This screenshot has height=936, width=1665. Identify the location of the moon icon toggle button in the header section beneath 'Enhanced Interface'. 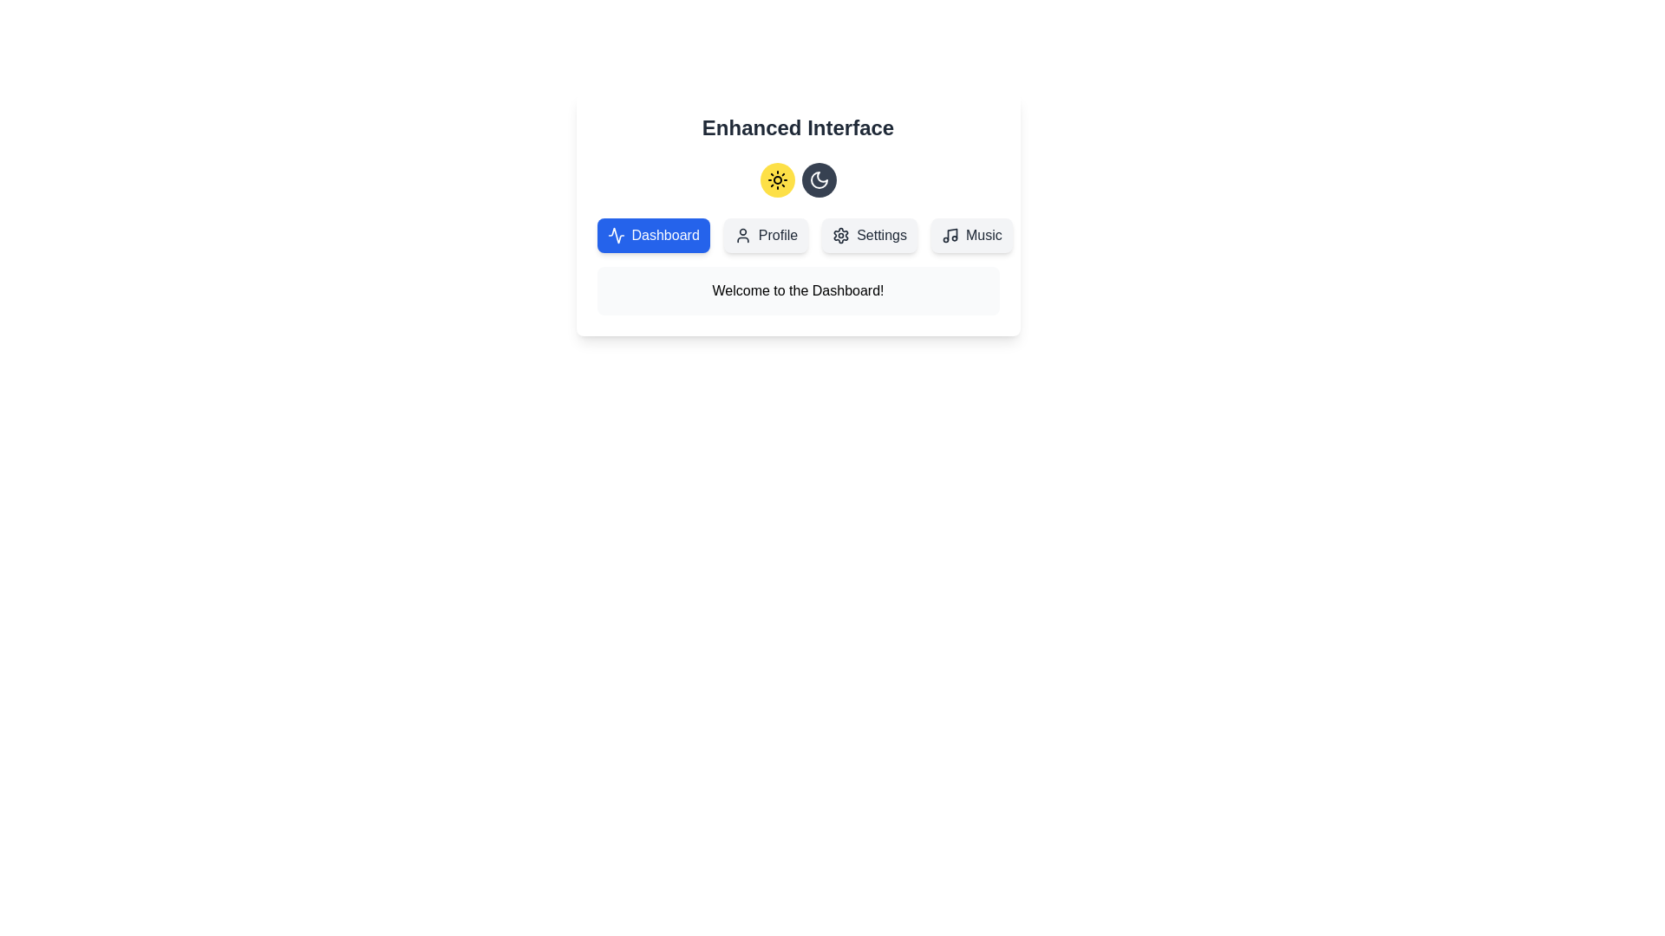
(818, 180).